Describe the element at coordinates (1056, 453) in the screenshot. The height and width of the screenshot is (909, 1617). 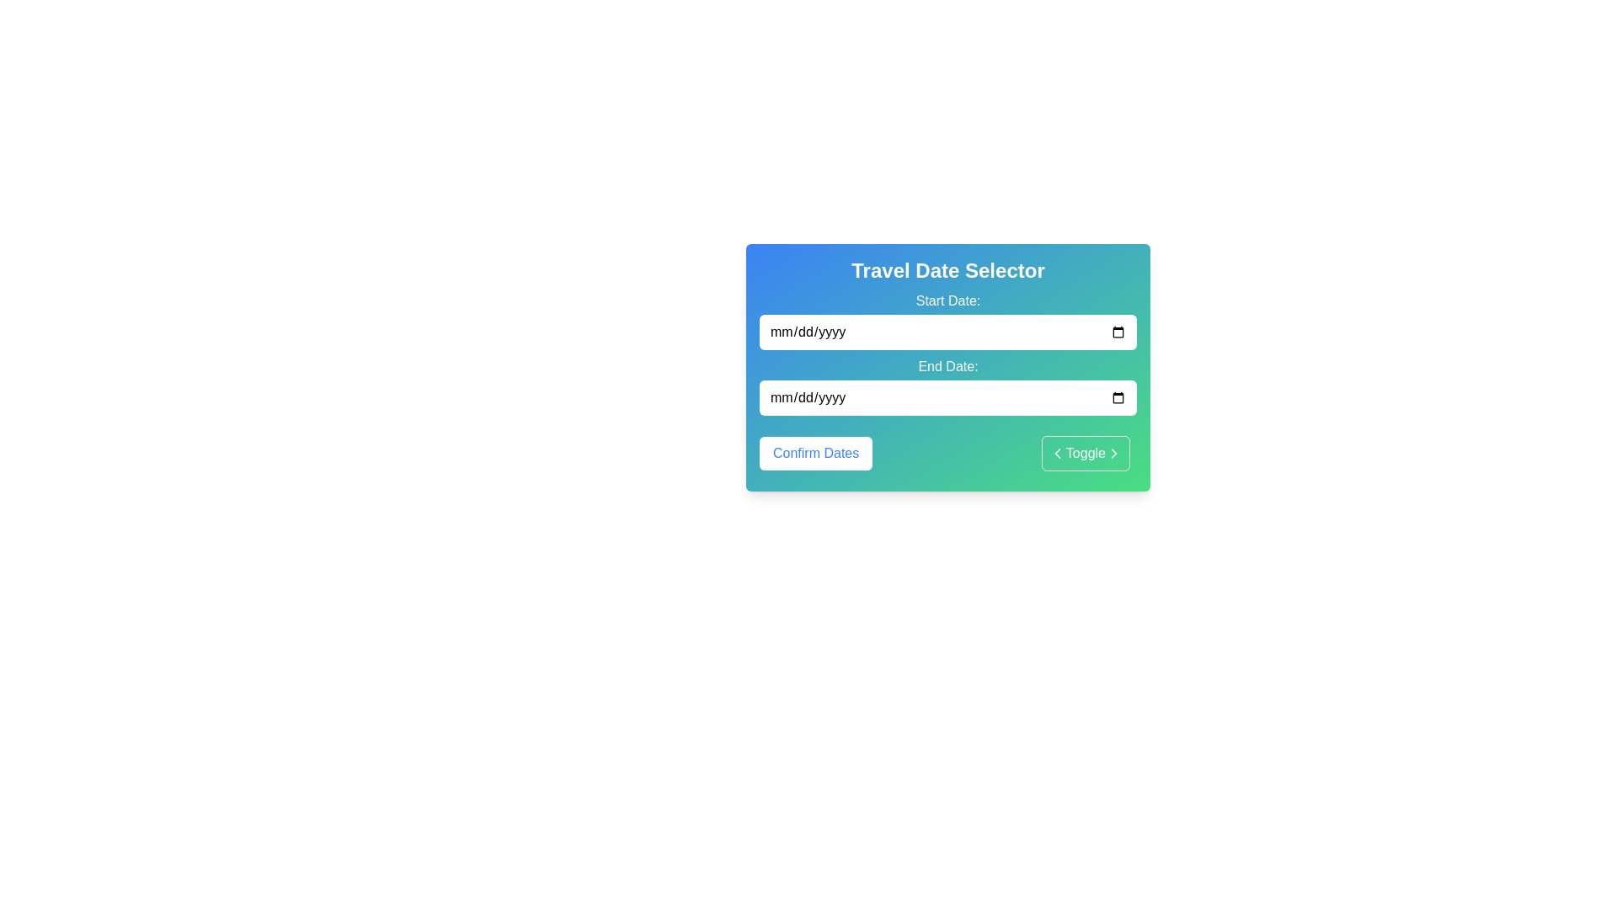
I see `the first chevron icon in the 'Toggle' button group, positioned to the left of the word 'Toggle'` at that location.